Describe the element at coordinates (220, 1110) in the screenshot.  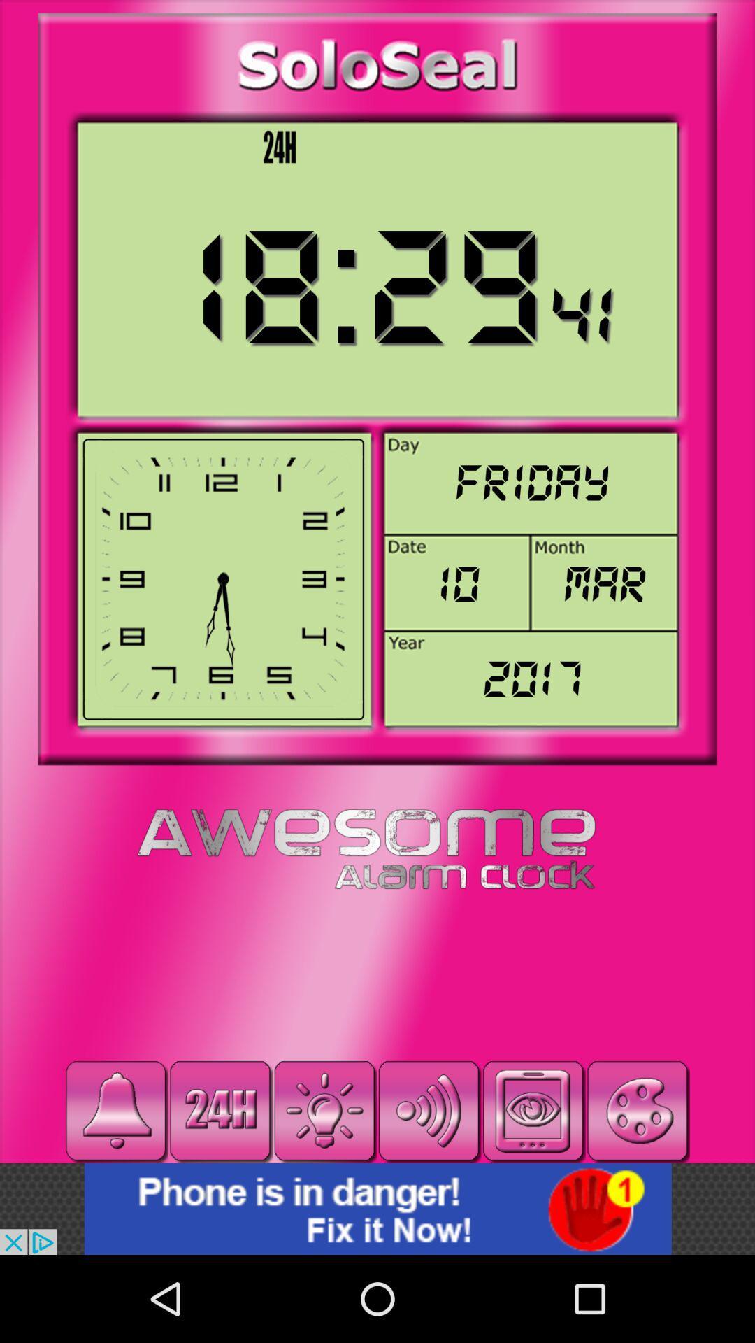
I see `24hr clock mode` at that location.